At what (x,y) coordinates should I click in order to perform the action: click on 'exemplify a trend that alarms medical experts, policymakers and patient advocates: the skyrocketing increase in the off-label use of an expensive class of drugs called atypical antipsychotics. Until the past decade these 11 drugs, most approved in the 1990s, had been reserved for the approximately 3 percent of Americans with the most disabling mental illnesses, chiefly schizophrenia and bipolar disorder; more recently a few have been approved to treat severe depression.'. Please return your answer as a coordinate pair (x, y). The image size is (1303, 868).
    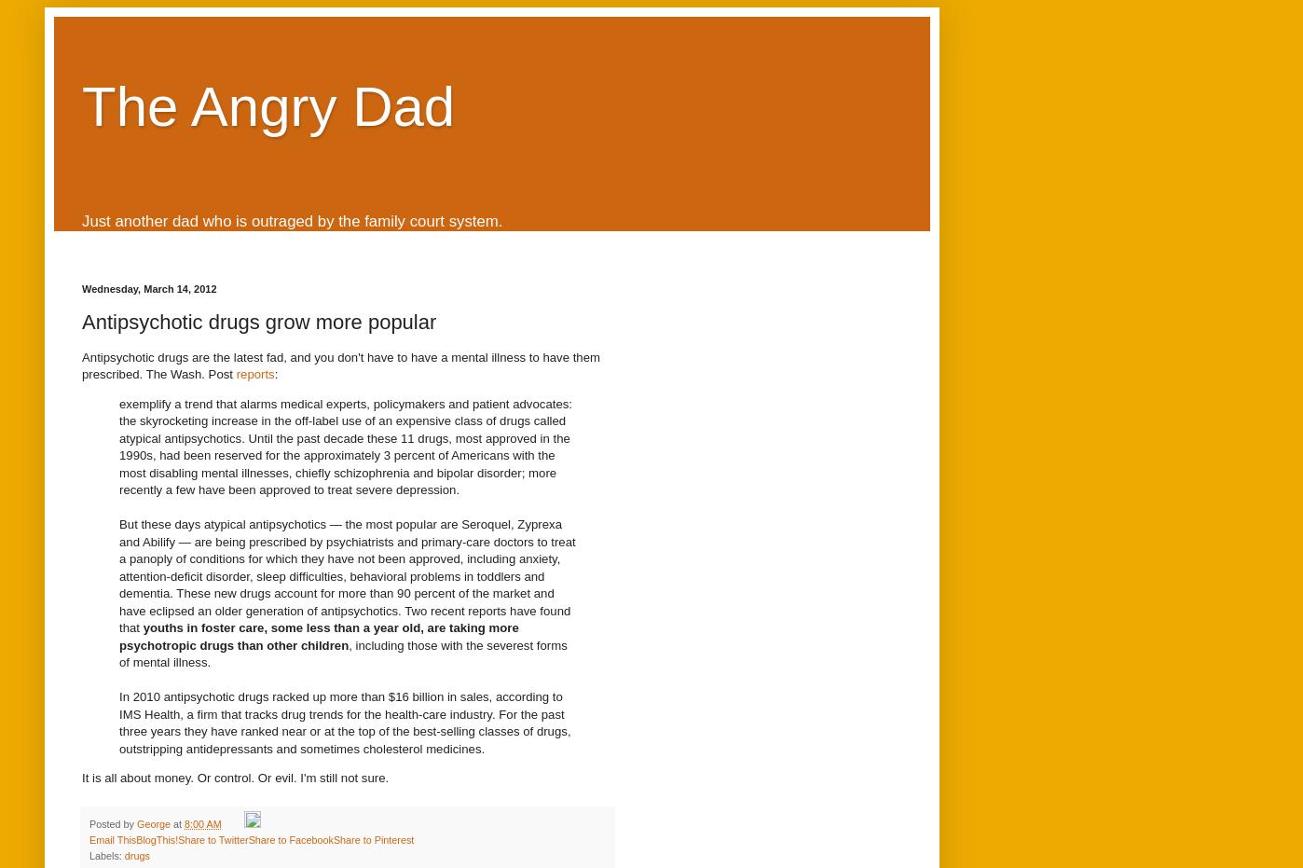
    Looking at the image, I should click on (344, 446).